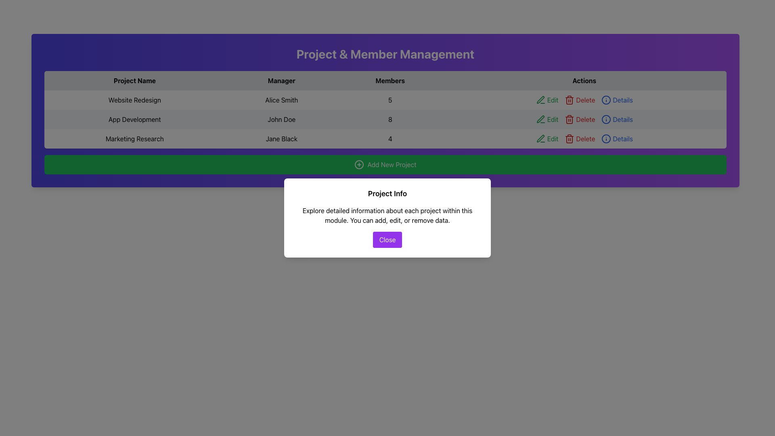  What do you see at coordinates (579, 138) in the screenshot?
I see `the delete action button located in the horizontal action panel to the right of the user row, specifically the second button after the 'Edit' button and before the 'Details' button, to initiate a delete action` at bounding box center [579, 138].